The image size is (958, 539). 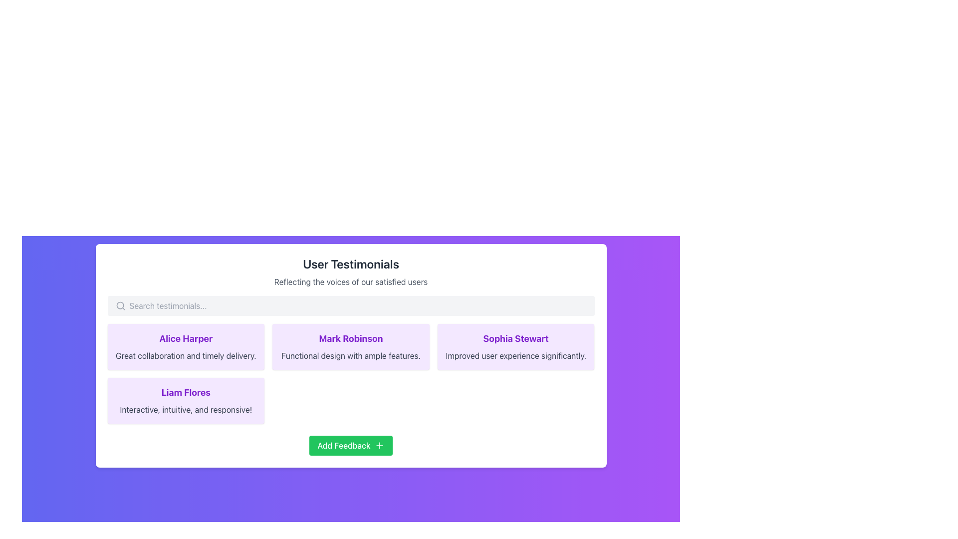 What do you see at coordinates (186, 392) in the screenshot?
I see `the text element displaying 'Liam Flores' in bold, purple styling at the top of the testimonial card` at bounding box center [186, 392].